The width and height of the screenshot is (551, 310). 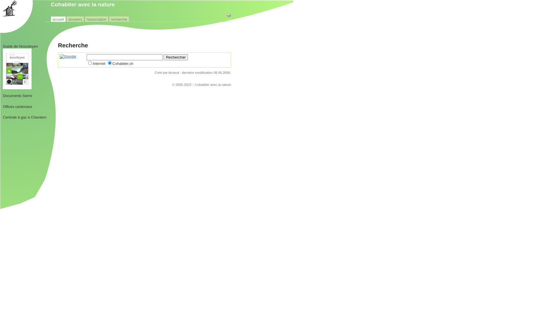 I want to click on 'accueil', so click(x=58, y=19).